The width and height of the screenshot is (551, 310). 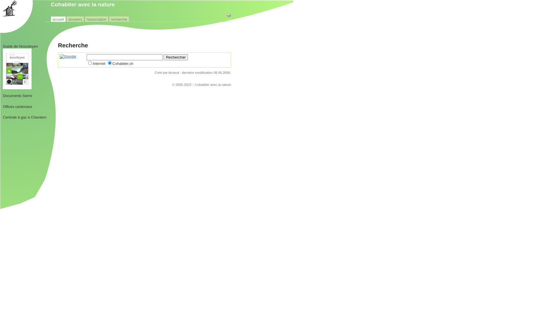 I want to click on 'accueil', so click(x=58, y=19).